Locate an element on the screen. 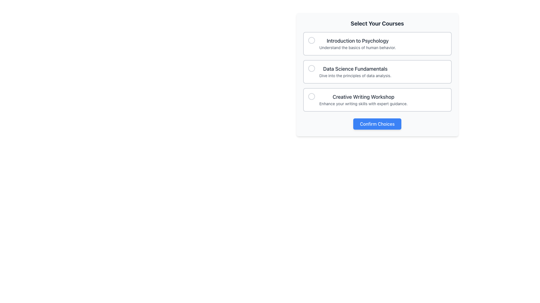 This screenshot has height=303, width=540. the static text 'Understand the basics of human behavior.' which is styled in gray color and located directly below the heading 'Introduction to Psychology' is located at coordinates (357, 47).